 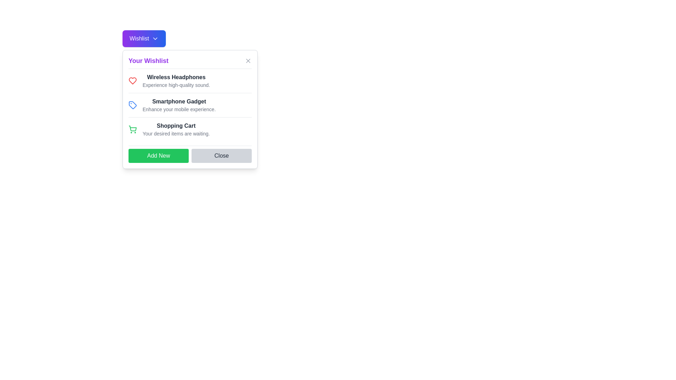 What do you see at coordinates (190, 81) in the screenshot?
I see `the first list item in the 'Your Wishlist' dialog, which features the title 'Wireless Headphones' in bold and a red heart icon to the left` at bounding box center [190, 81].